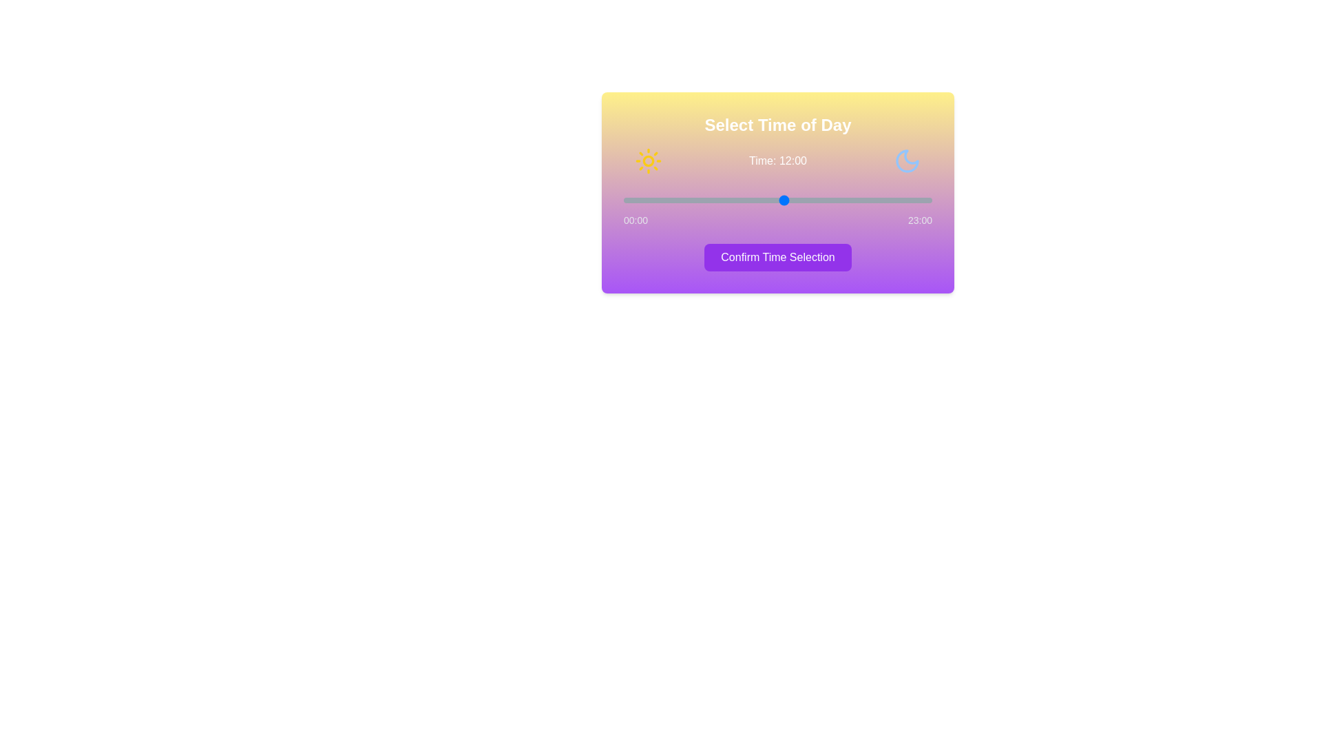 The height and width of the screenshot is (744, 1322). Describe the element at coordinates (650, 200) in the screenshot. I see `the time to 2 hour(s) by interacting with the slider` at that location.